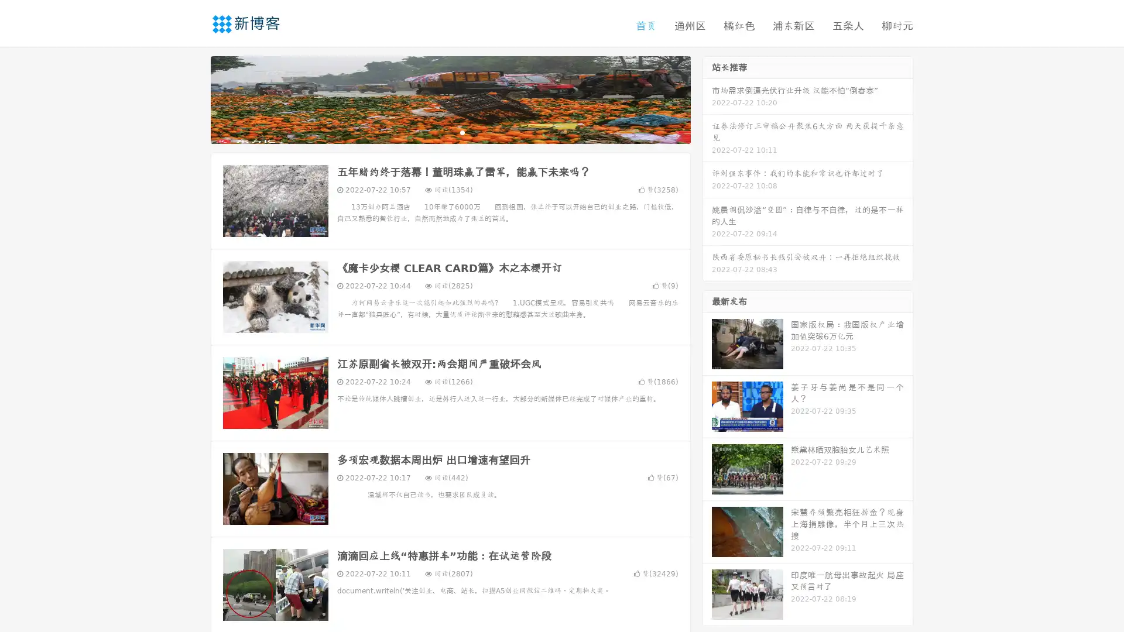 This screenshot has height=632, width=1124. What do you see at coordinates (707, 98) in the screenshot?
I see `Next slide` at bounding box center [707, 98].